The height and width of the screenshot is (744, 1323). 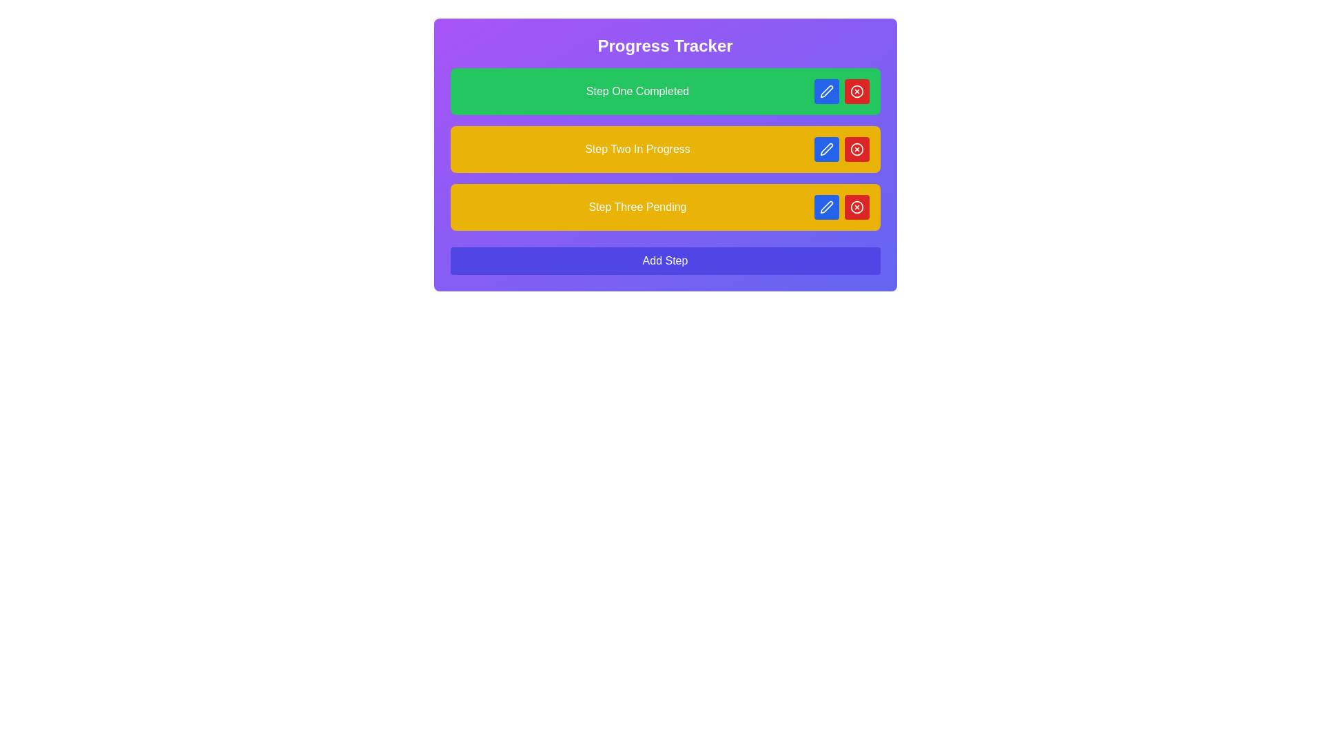 What do you see at coordinates (665, 149) in the screenshot?
I see `the progress step element in the Progress Tracker interface, which is located between 'Step One Completed' and 'Step Three Pending'` at bounding box center [665, 149].